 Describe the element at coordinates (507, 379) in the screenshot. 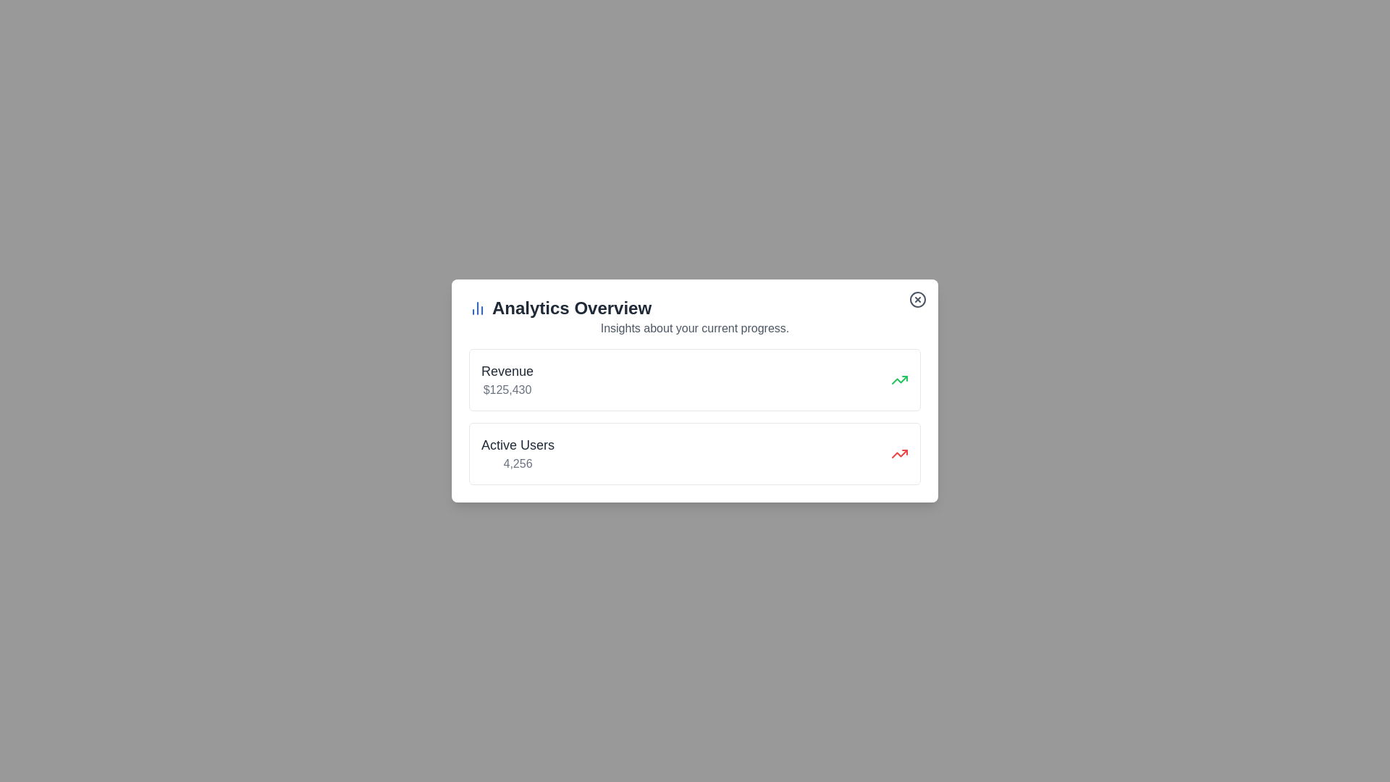

I see `the text display element that shows 'Revenue' in a larger, bold font and '$125,430' in a smaller, gray font, located at the upper-left corner of its containing card` at that location.